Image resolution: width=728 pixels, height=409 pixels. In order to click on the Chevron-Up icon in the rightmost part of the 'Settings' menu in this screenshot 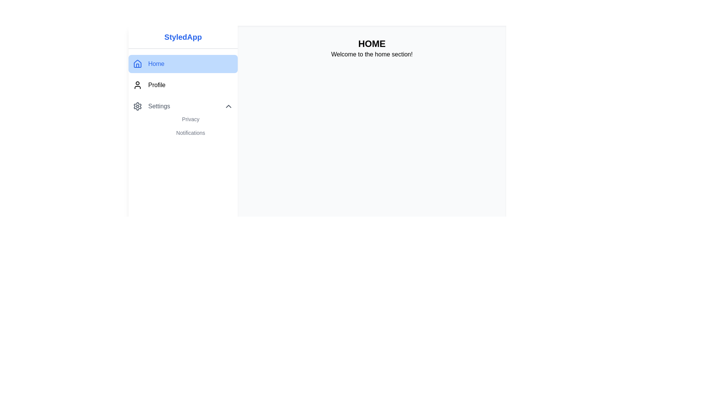, I will do `click(228, 106)`.